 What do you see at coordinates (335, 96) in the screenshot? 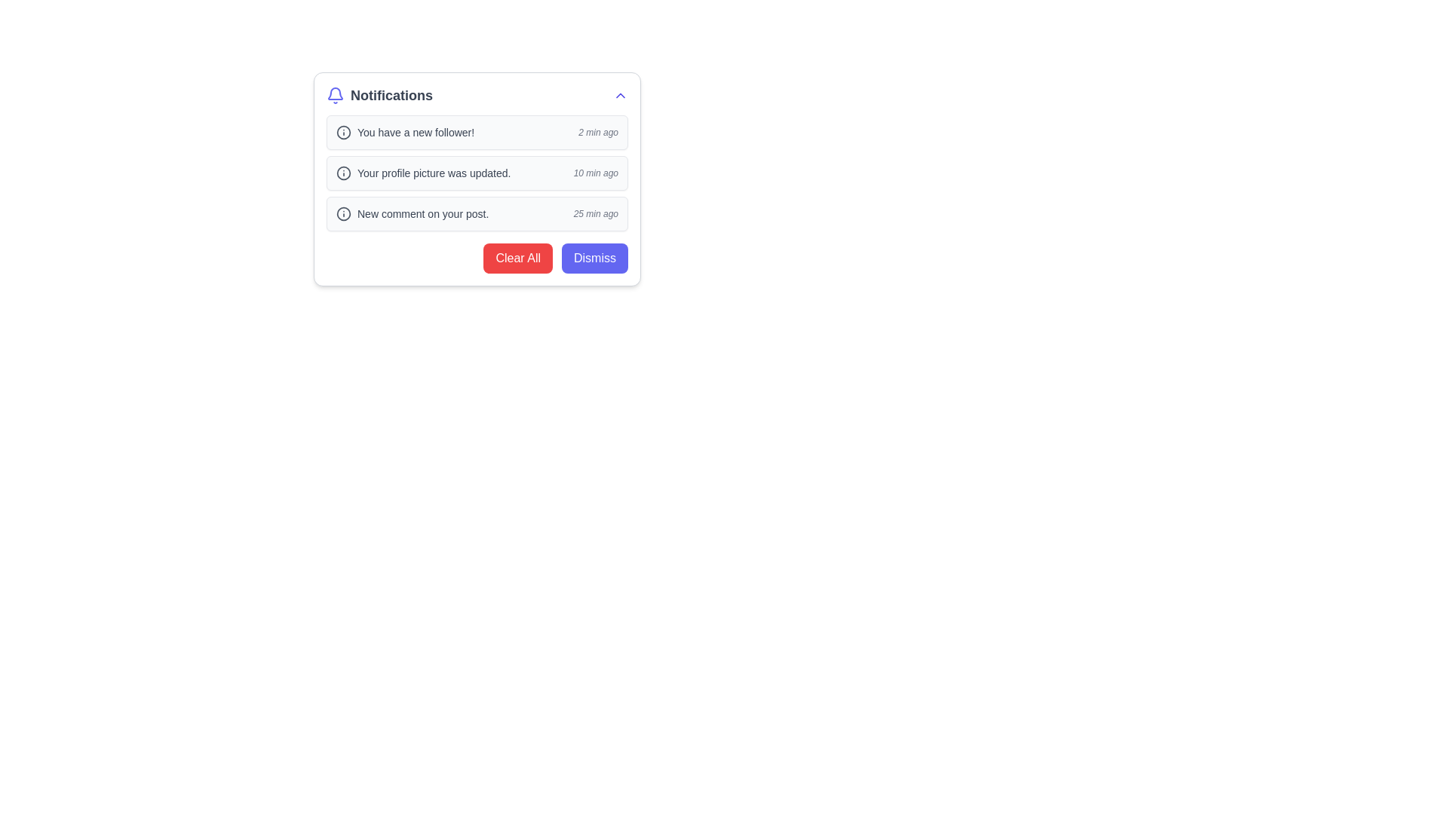
I see `the bell icon with rounded edges and dark indigo color, located to the left of the 'Notifications' text label in the notification panel` at bounding box center [335, 96].